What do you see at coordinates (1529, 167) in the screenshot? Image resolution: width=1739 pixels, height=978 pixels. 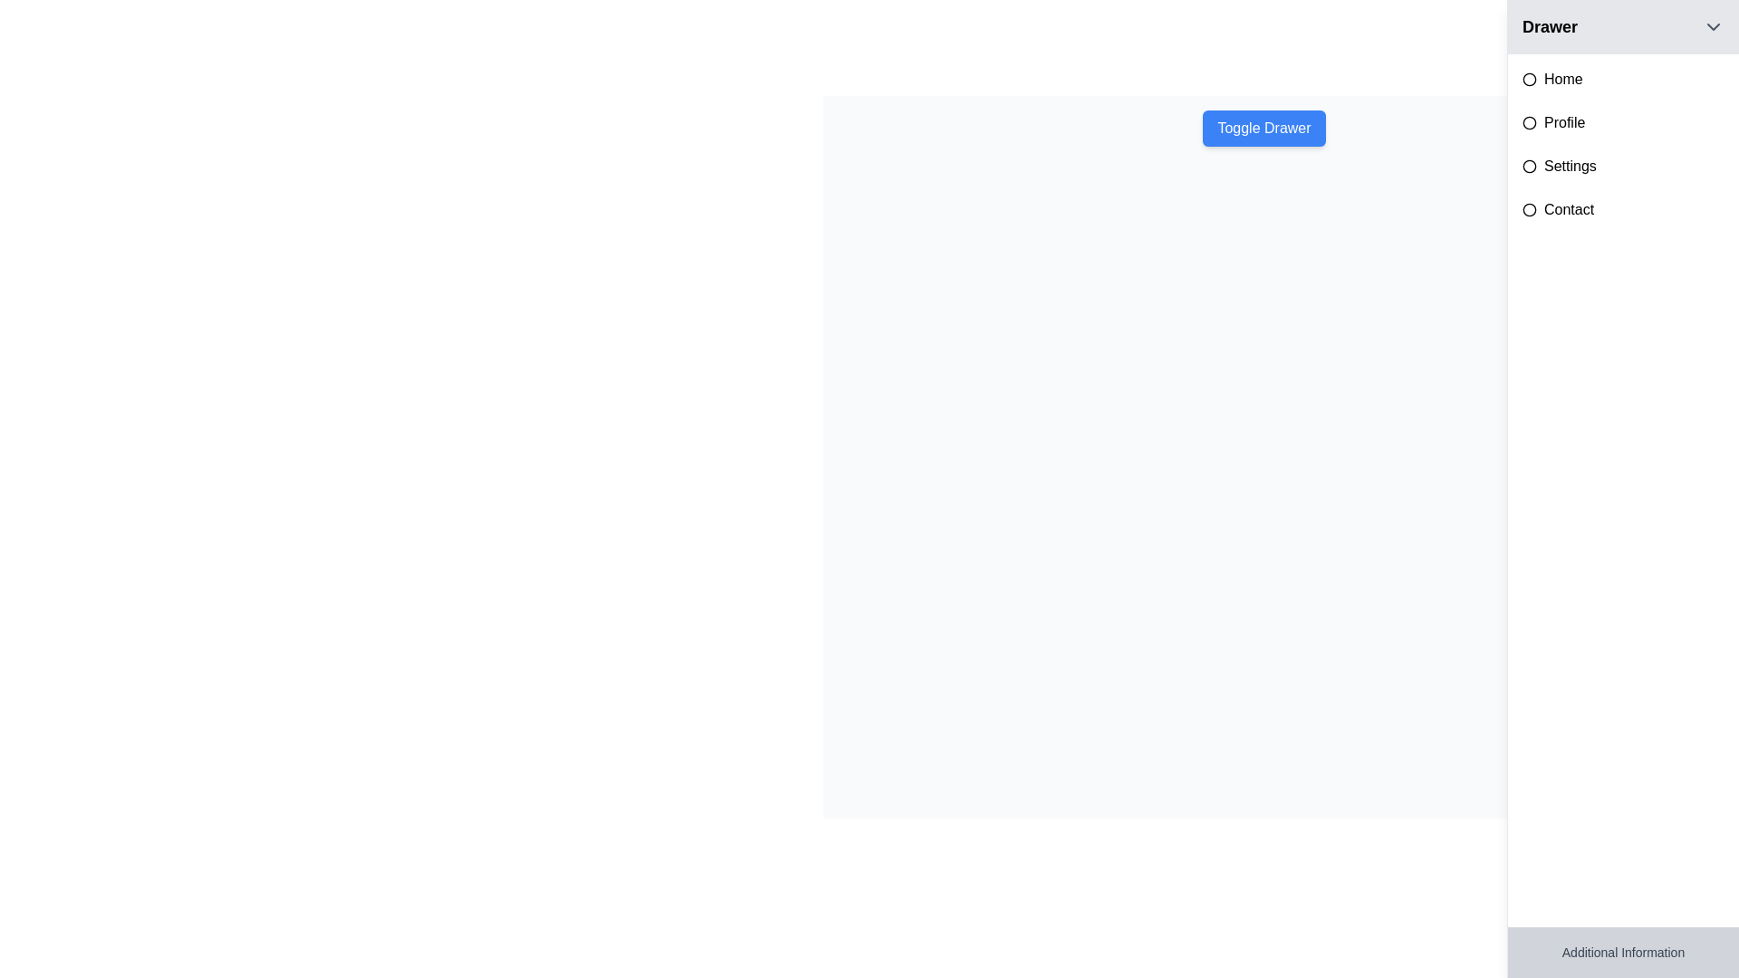 I see `the Circular selection indicator for the 'Settings' option within the drawer menu, which is positioned to the left of the 'Settings' label and is the third item in the vertically aligned list` at bounding box center [1529, 167].